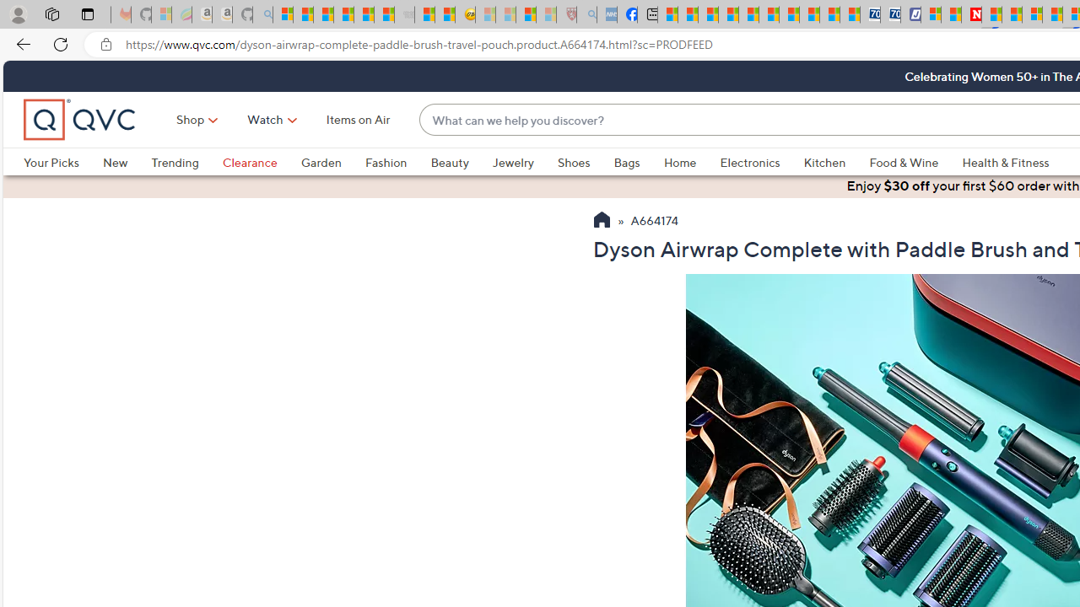  I want to click on 'Your Picks', so click(62, 162).